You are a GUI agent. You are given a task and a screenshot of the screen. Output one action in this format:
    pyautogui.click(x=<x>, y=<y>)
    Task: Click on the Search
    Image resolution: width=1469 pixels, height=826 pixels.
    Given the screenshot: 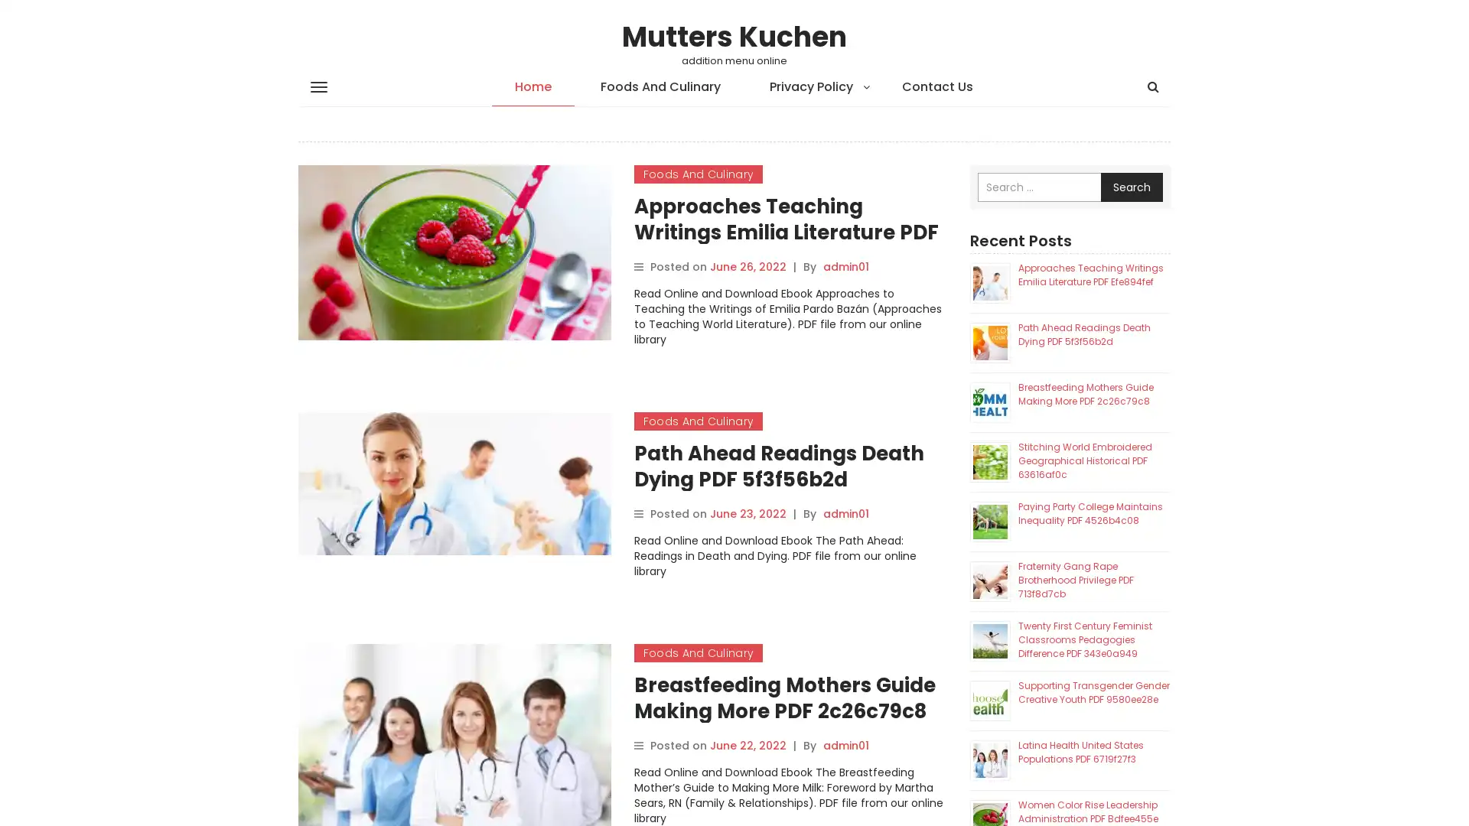 What is the action you would take?
    pyautogui.click(x=1132, y=187)
    